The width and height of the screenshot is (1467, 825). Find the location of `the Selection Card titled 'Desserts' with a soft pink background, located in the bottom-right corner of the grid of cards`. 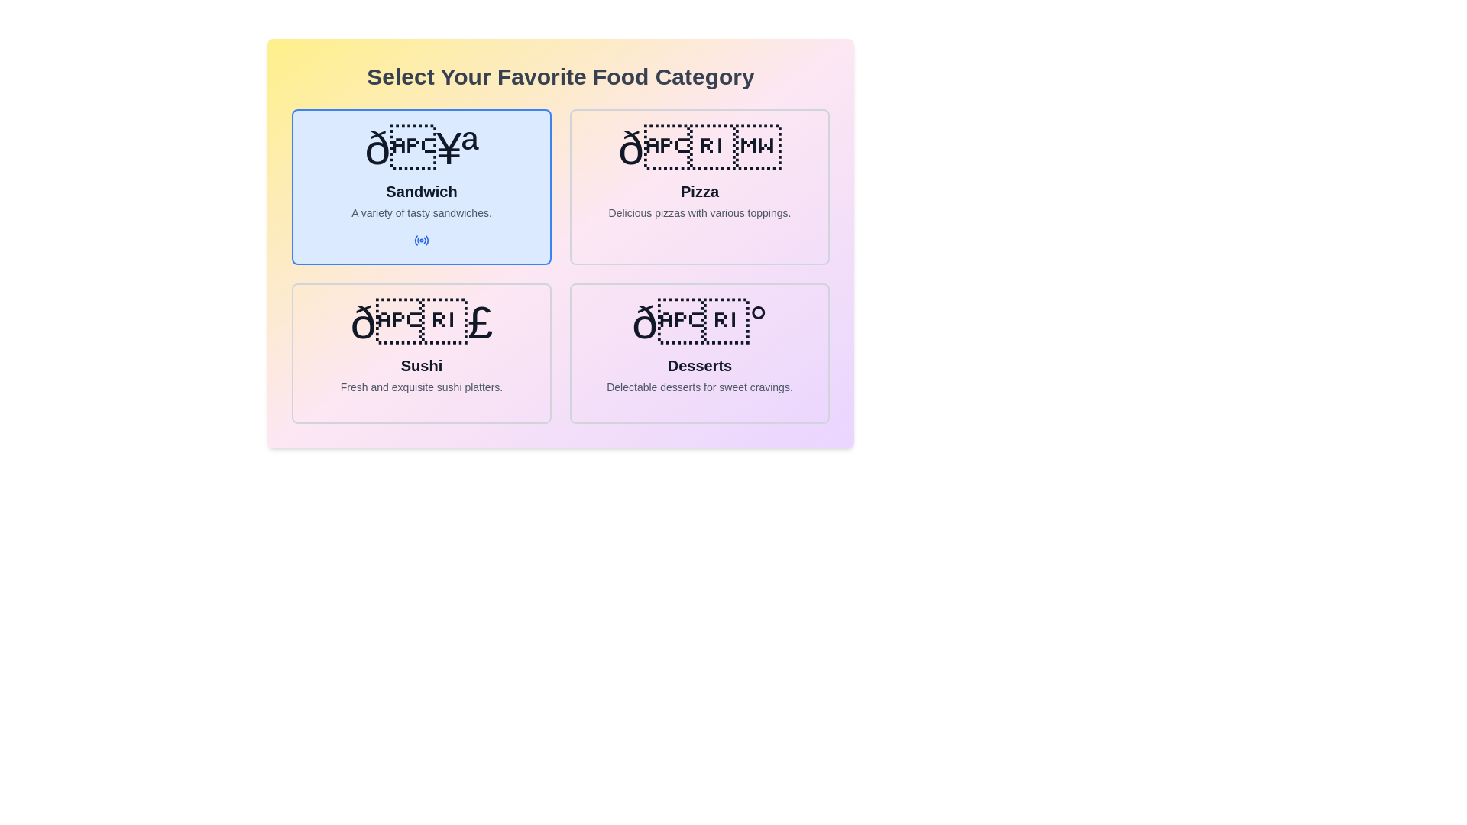

the Selection Card titled 'Desserts' with a soft pink background, located in the bottom-right corner of the grid of cards is located at coordinates (699, 353).